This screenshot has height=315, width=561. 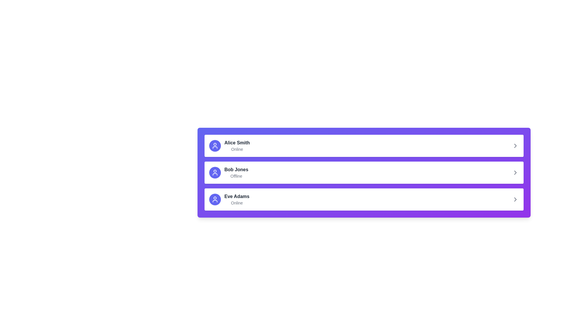 I want to click on status text indicating the online status of the user named 'Eve Adams', which is located below the user's name in the horizontal list layout, so click(x=237, y=202).